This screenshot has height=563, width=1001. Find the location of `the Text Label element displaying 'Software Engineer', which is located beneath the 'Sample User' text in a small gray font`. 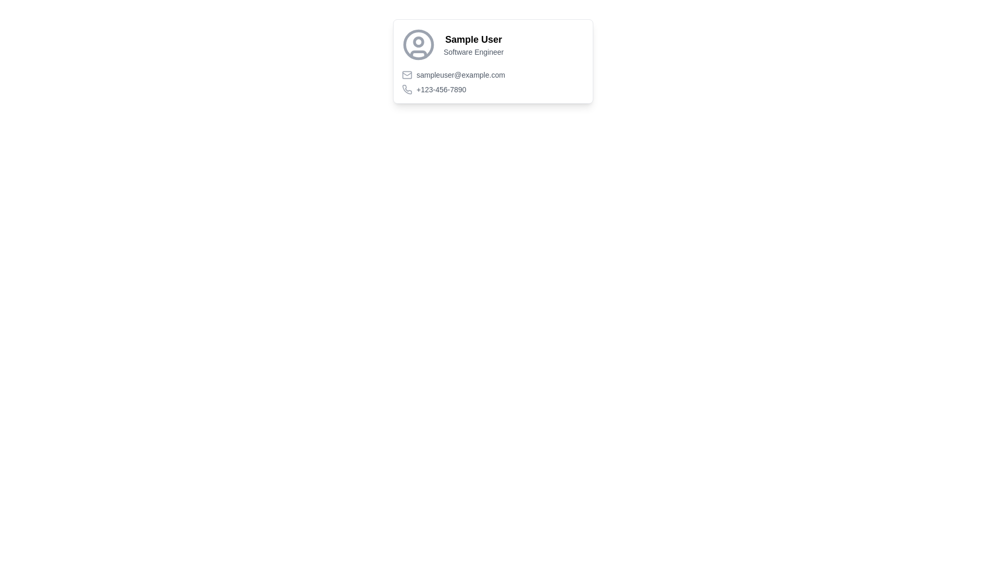

the Text Label element displaying 'Software Engineer', which is located beneath the 'Sample User' text in a small gray font is located at coordinates (473, 52).